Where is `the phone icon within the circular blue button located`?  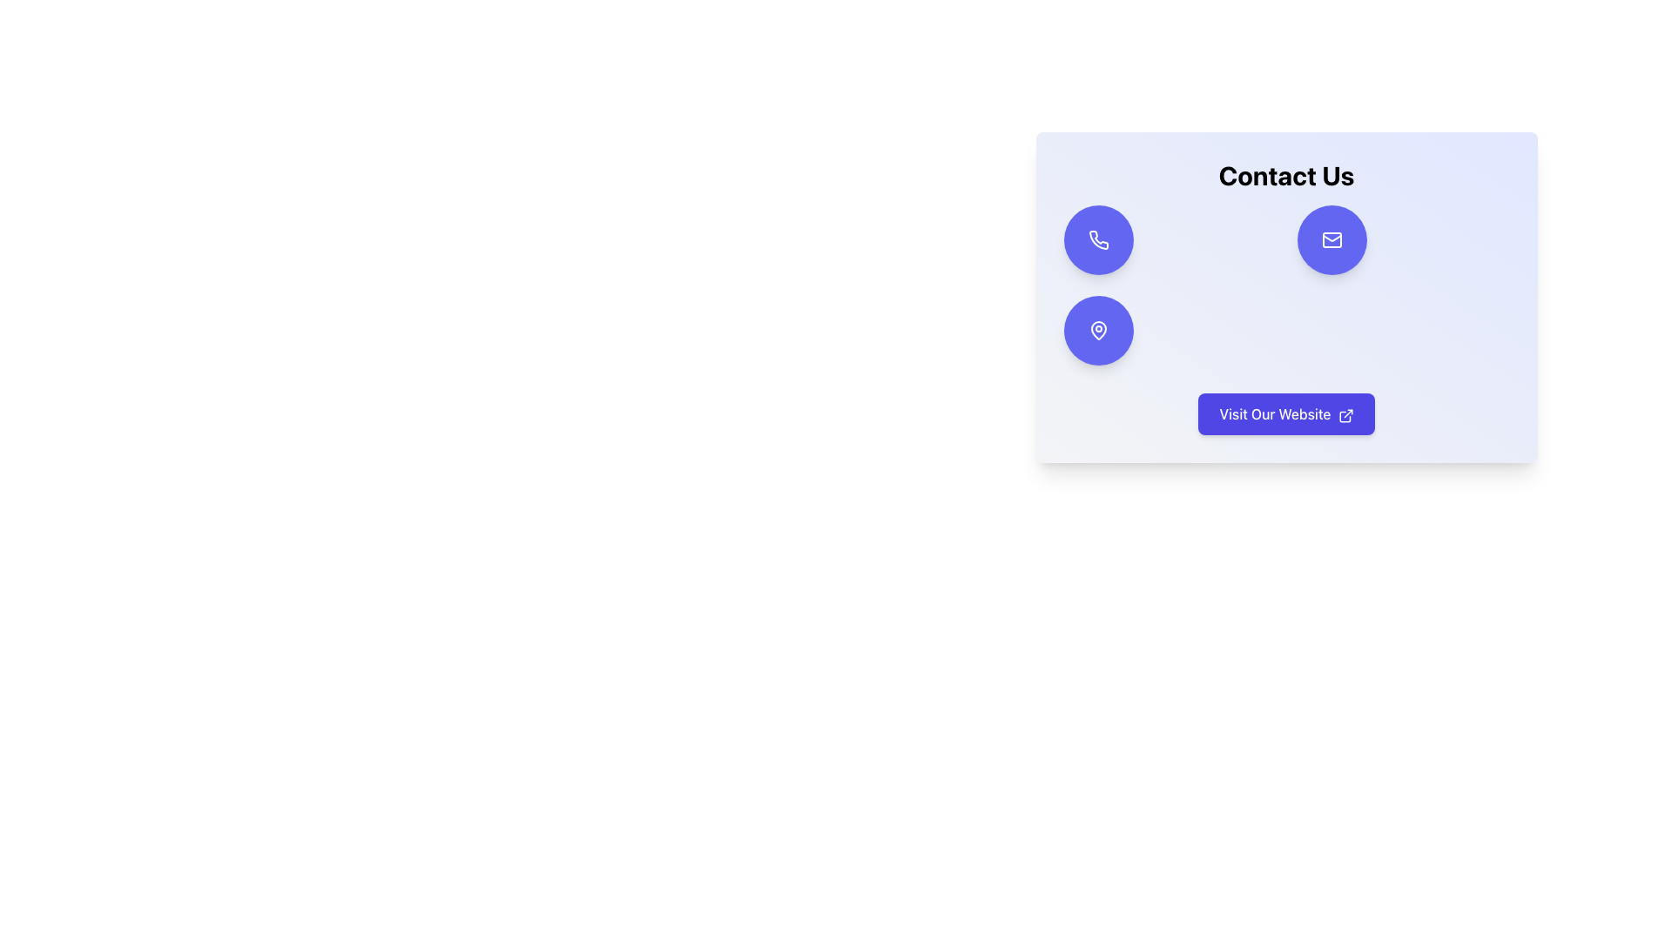
the phone icon within the circular blue button located is located at coordinates (1097, 239).